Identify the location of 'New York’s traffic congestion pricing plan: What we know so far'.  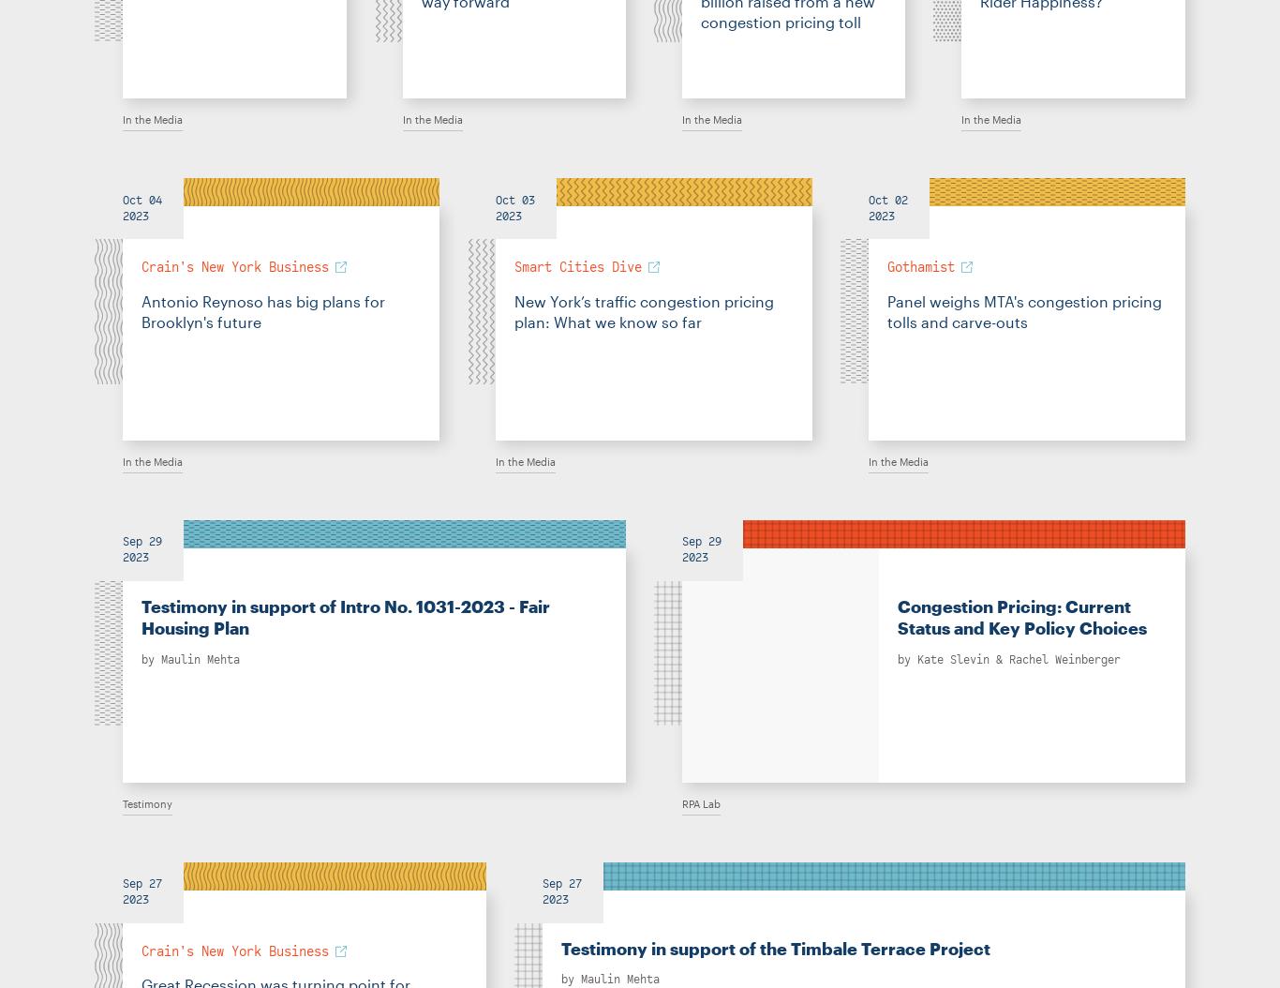
(513, 311).